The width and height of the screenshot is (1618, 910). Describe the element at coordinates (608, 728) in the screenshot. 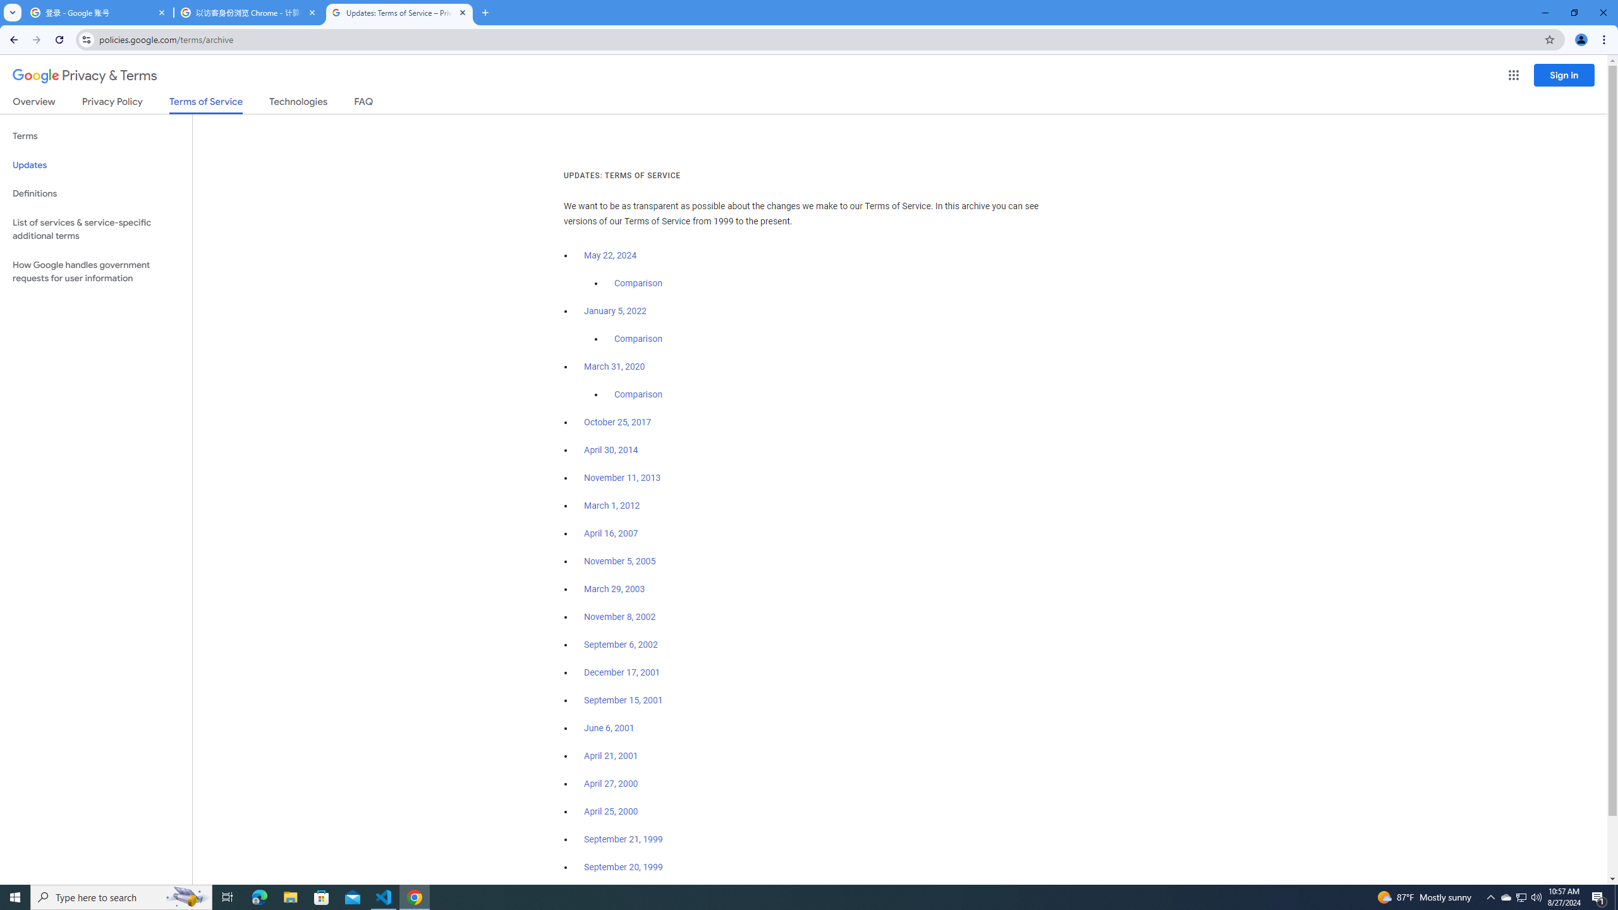

I see `'June 6, 2001'` at that location.